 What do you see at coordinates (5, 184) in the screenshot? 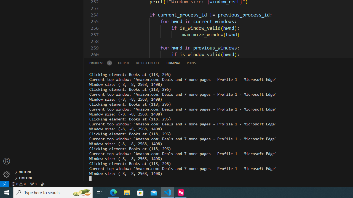
I see `'remote'` at bounding box center [5, 184].